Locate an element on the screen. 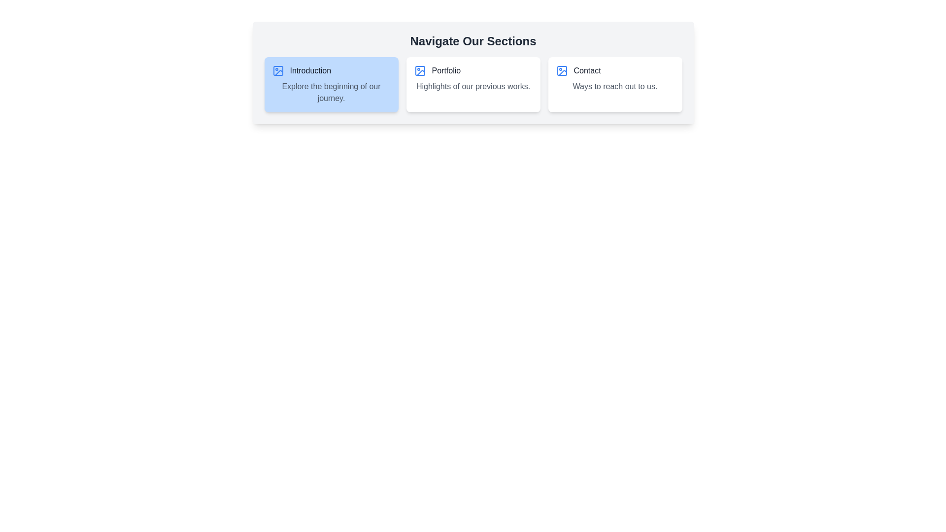 The width and height of the screenshot is (946, 532). the first descriptive card in the horizontal row, which introduces the journey or content of the application is located at coordinates (331, 84).